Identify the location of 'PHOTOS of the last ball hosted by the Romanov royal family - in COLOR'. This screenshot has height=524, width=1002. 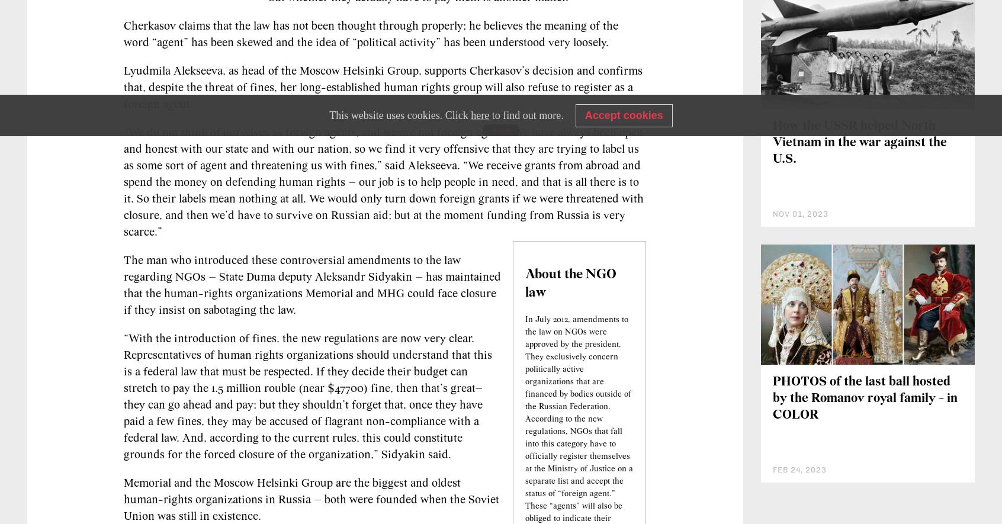
(772, 469).